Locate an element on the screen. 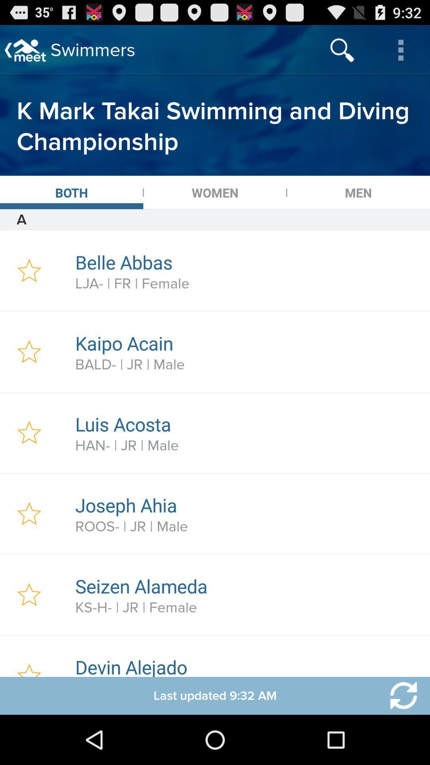 This screenshot has width=430, height=765. flag your favorite swimmer is located at coordinates (29, 595).